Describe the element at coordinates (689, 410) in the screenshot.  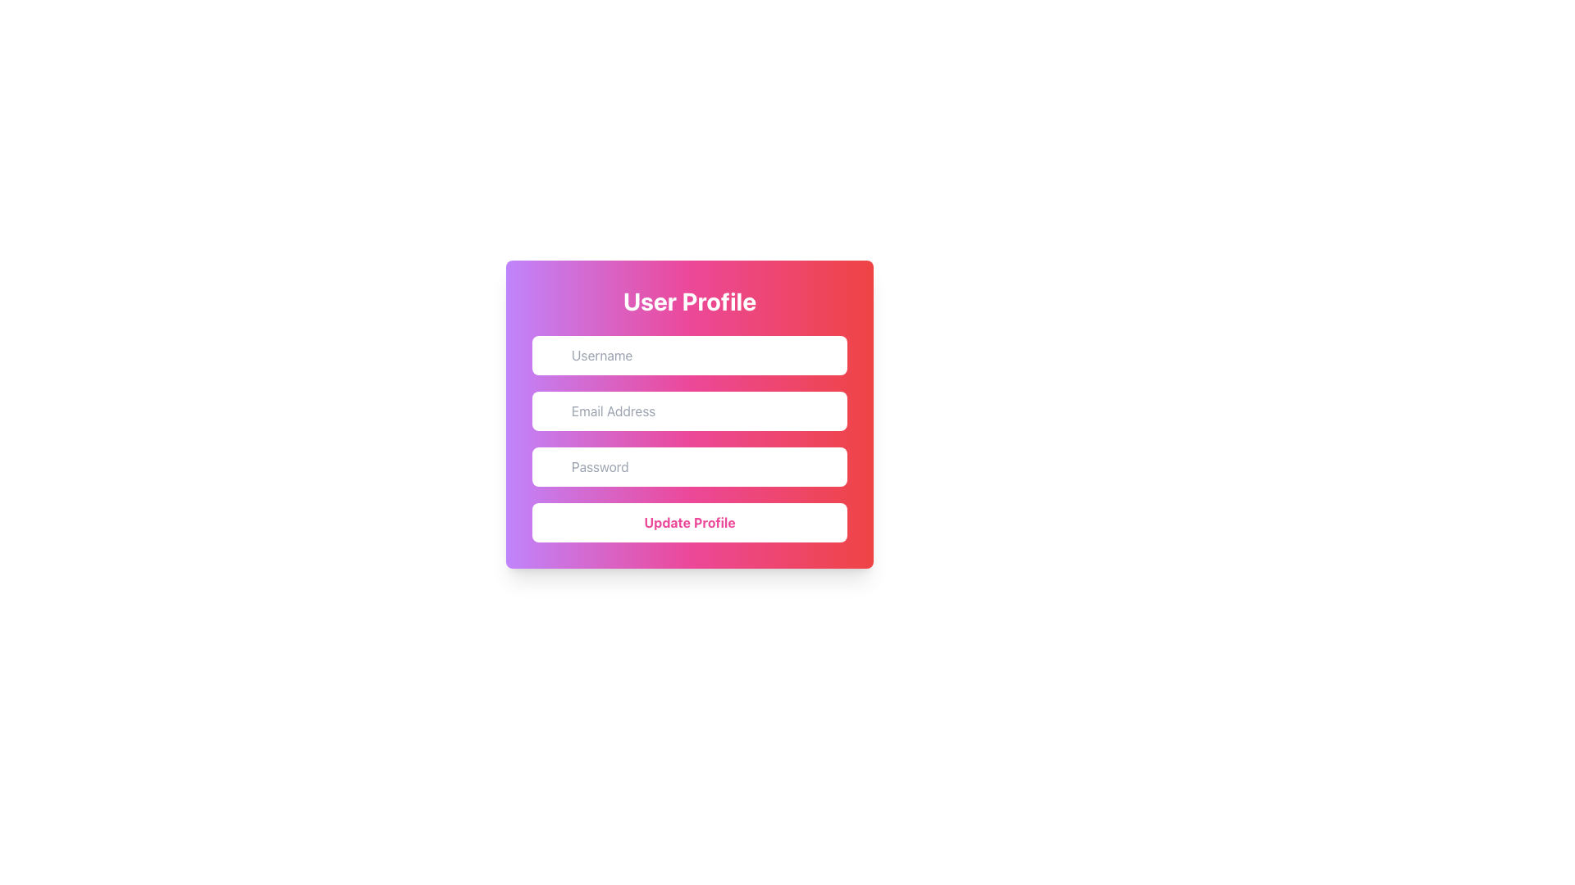
I see `the email input field located below the Username field and above the Password field to focus the input` at that location.